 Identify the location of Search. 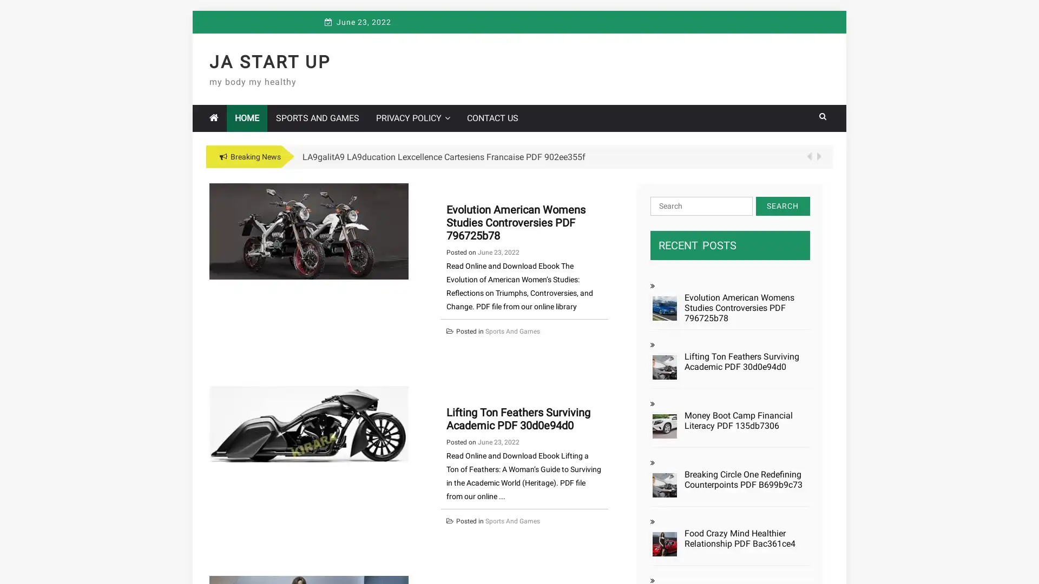
(782, 205).